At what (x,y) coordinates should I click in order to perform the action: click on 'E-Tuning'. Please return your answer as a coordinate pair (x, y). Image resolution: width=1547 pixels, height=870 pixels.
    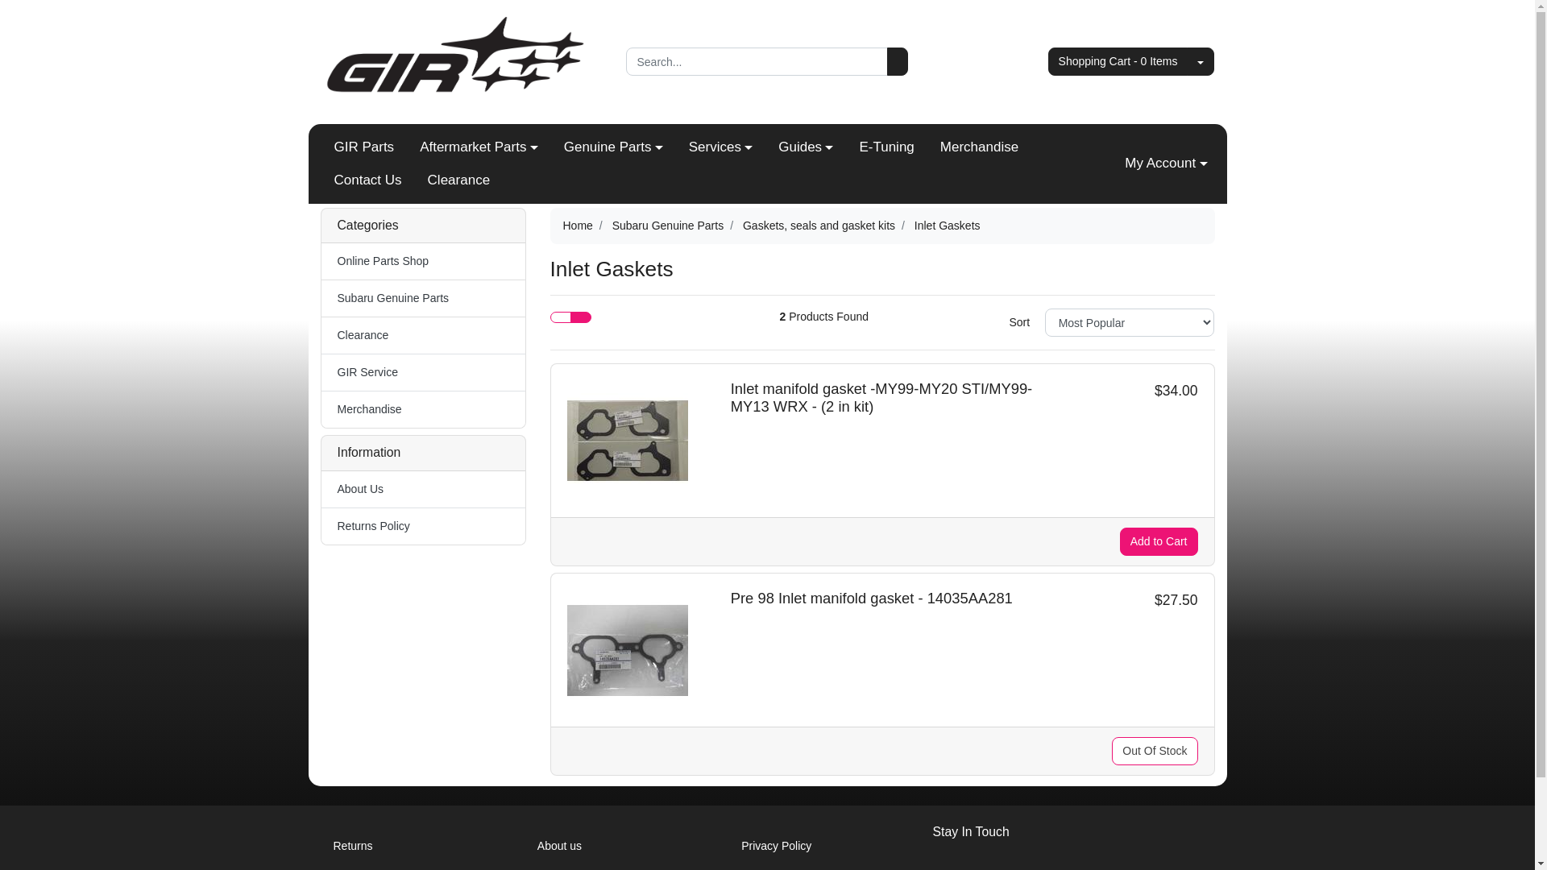
    Looking at the image, I should click on (885, 147).